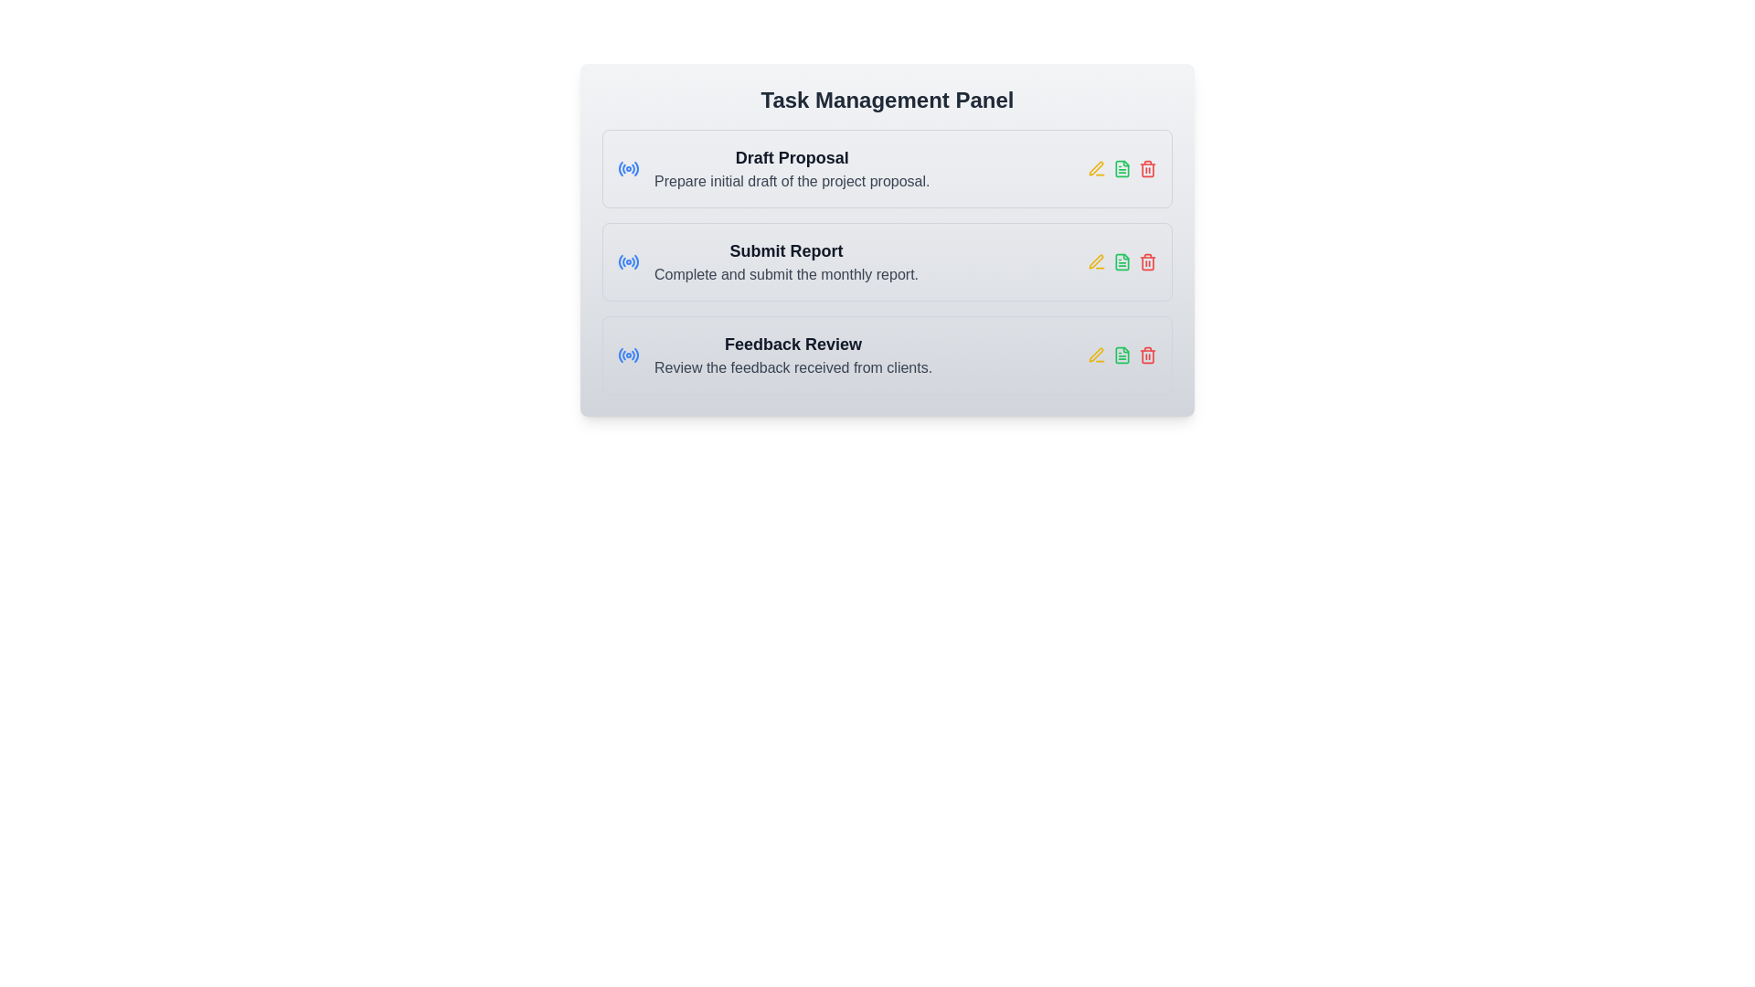 The height and width of the screenshot is (987, 1755). What do you see at coordinates (773, 169) in the screenshot?
I see `the informational text block that represents the task 'Draft Proposal' which is the first item in a card layout, located above 'Submit Report' and 'Feedback Review'` at bounding box center [773, 169].